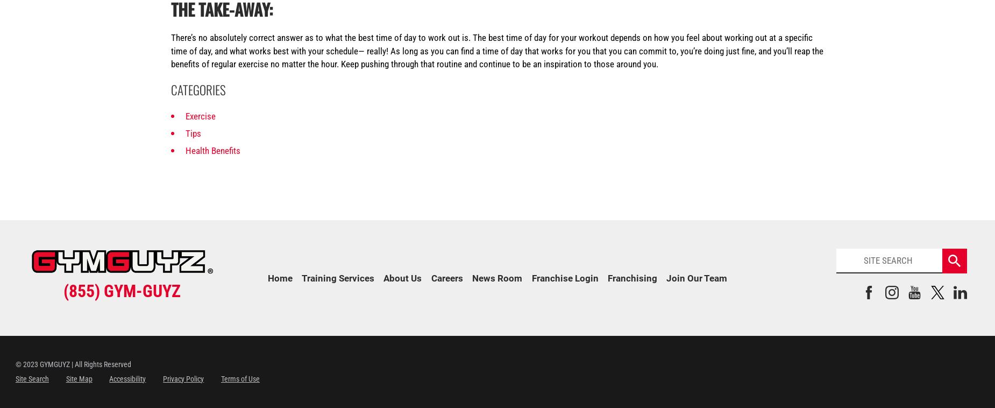 This screenshot has width=995, height=408. What do you see at coordinates (78, 378) in the screenshot?
I see `'Site Map'` at bounding box center [78, 378].